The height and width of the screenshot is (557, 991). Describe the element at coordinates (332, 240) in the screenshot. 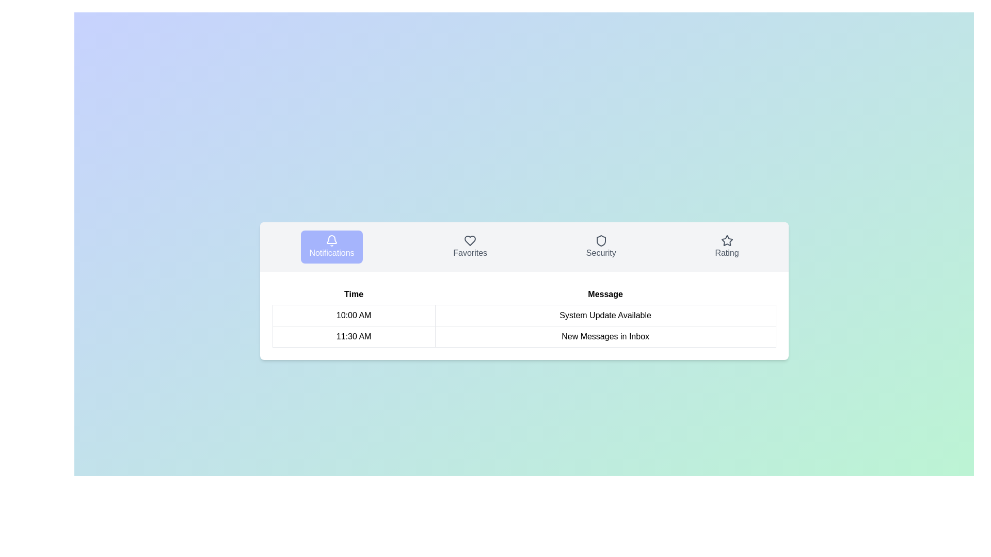

I see `the bell icon located at the top of the 'Notifications' button` at that location.